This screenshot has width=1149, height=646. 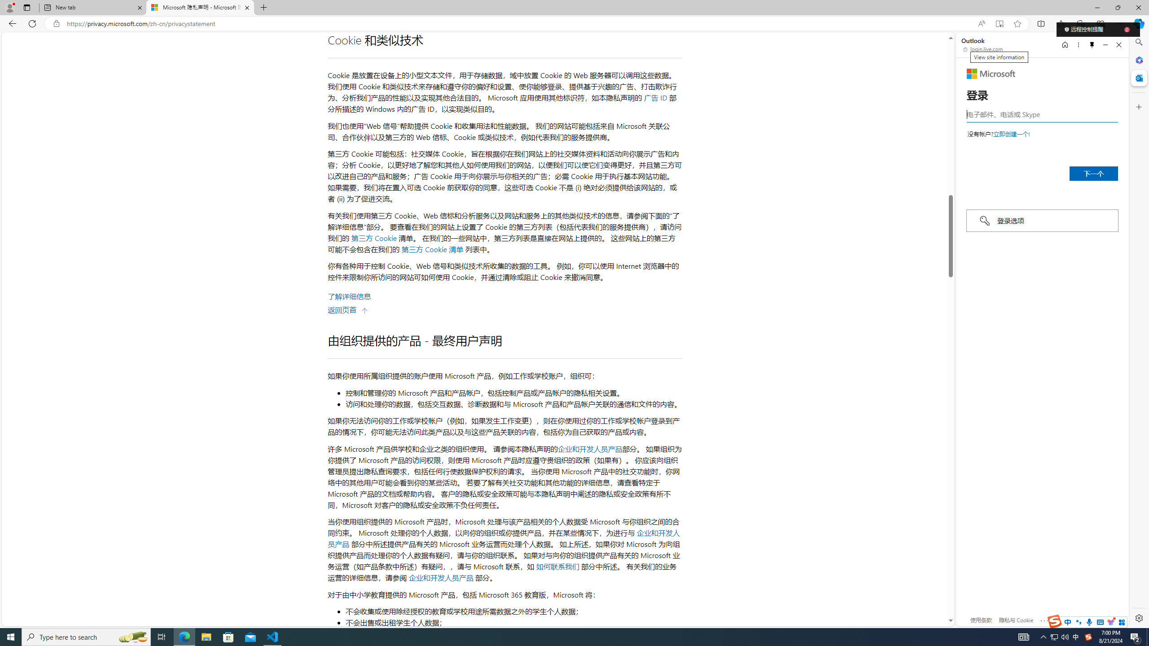 I want to click on 'Enter Immersive Reader (F9)', so click(x=999, y=24).